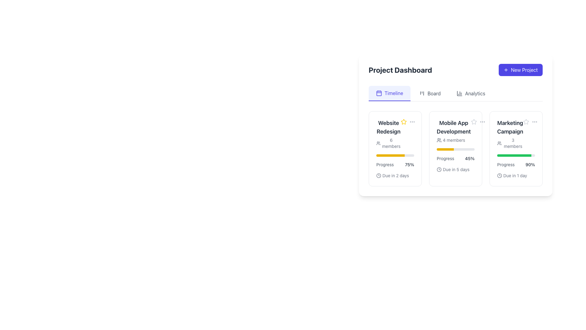  I want to click on the icon button with an ellipsis design located at the top-right section of the 'Mobile App Development' card, so click(482, 122).